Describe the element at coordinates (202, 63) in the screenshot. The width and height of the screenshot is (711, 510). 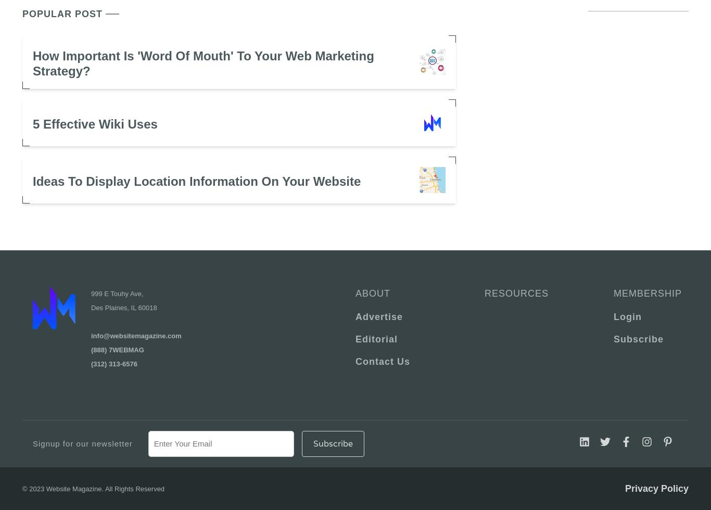
I see `'How Important Is 'Word of Mouth' To Your Web Marketing Strategy?'` at that location.